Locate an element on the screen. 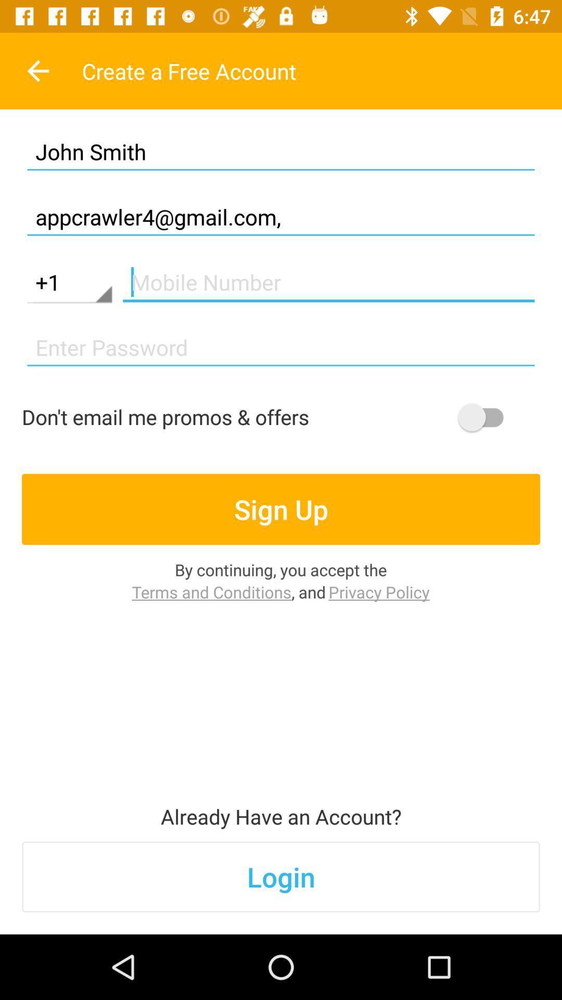 The height and width of the screenshot is (1000, 562). on is located at coordinates (486, 417).